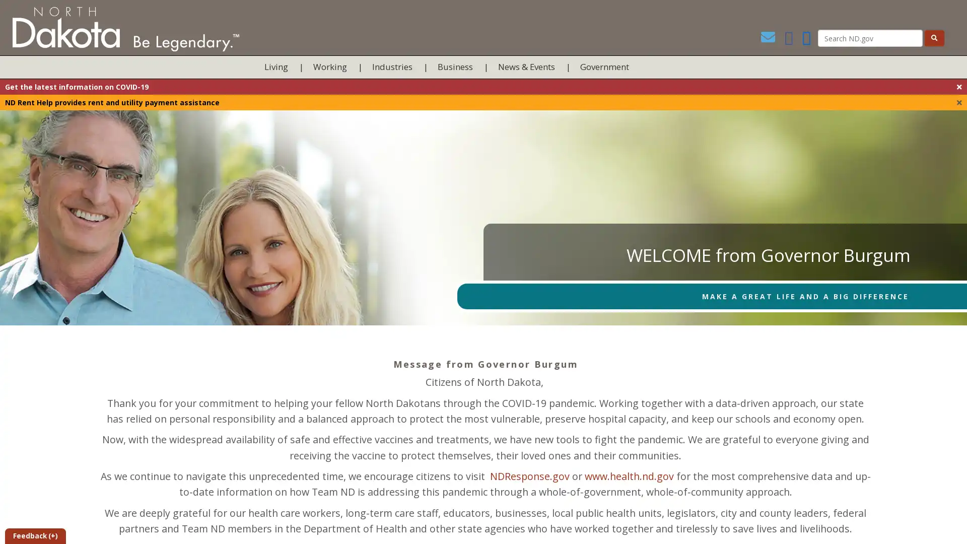 The width and height of the screenshot is (967, 544). Describe the element at coordinates (785, 39) in the screenshot. I see `Follow Us on Facebook` at that location.